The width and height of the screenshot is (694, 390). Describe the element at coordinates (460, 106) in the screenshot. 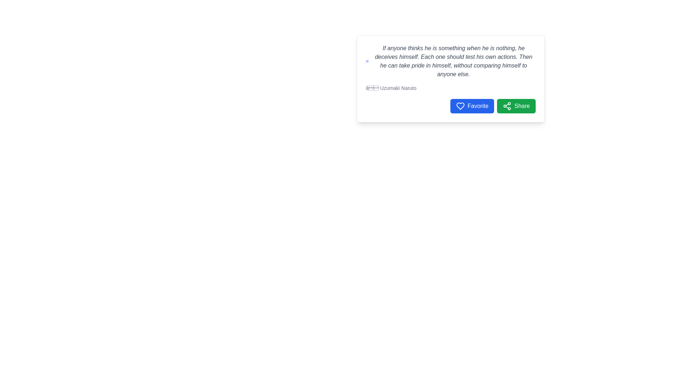

I see `the 'Favorite' icon located to the left of the 'Favorite' text in the bottom right corner of the text panel` at that location.